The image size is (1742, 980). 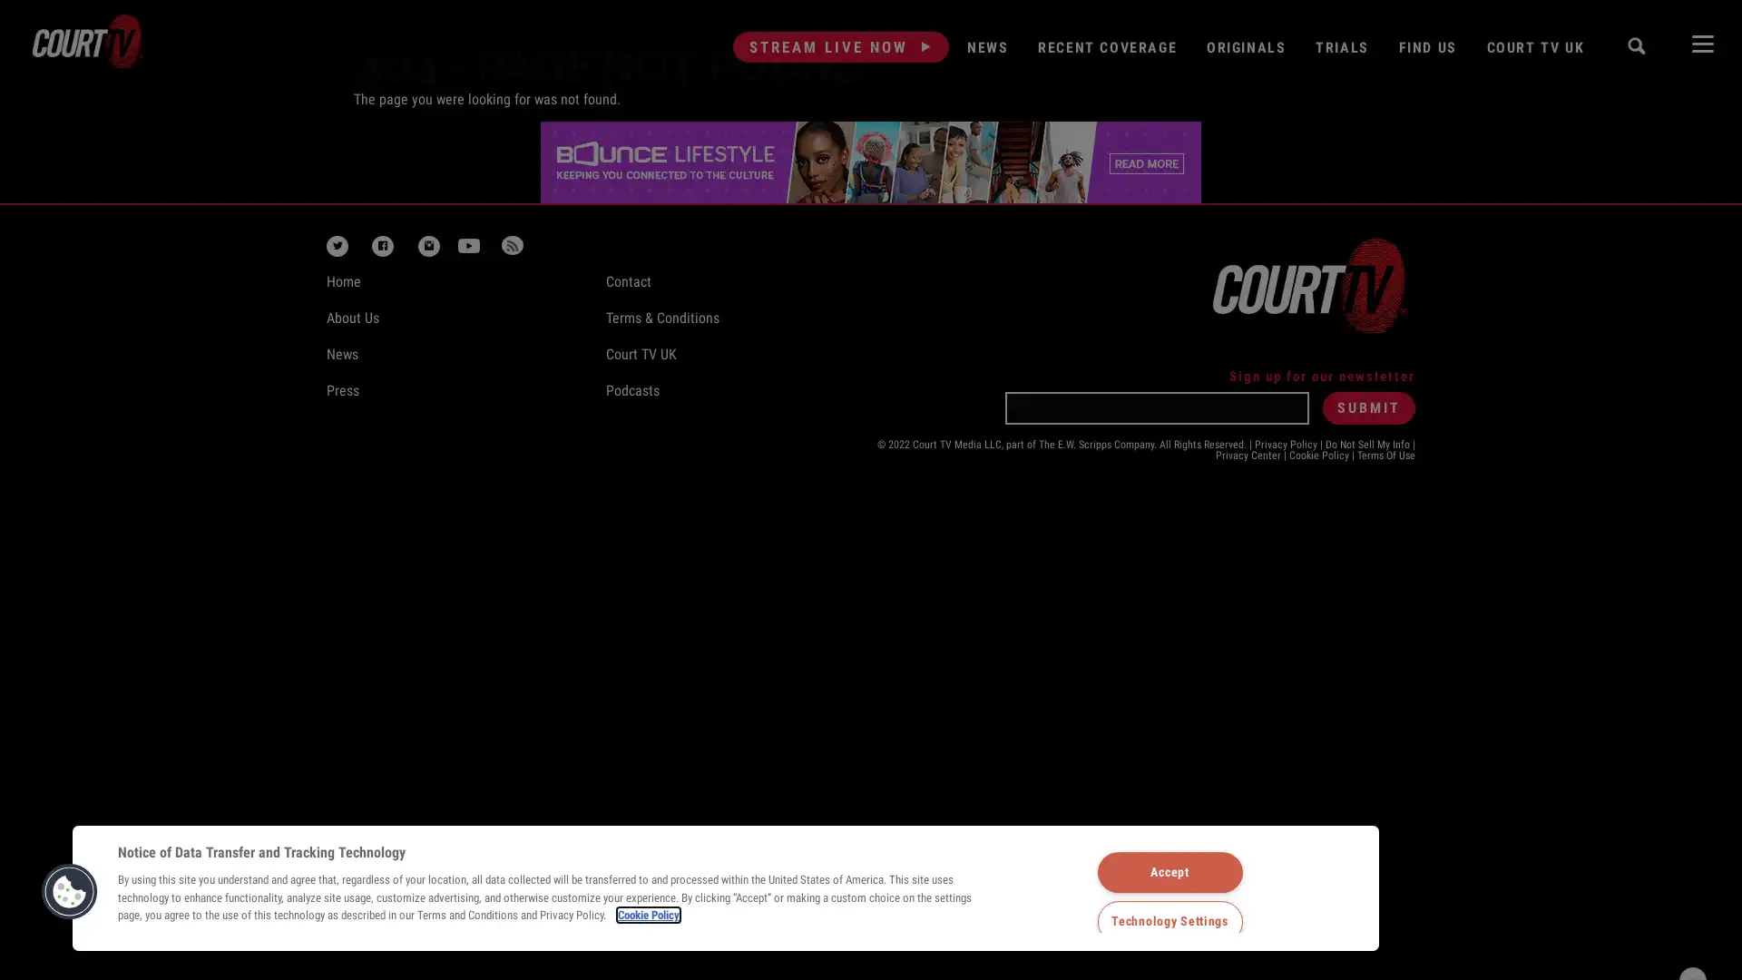 I want to click on Cookies, so click(x=69, y=890).